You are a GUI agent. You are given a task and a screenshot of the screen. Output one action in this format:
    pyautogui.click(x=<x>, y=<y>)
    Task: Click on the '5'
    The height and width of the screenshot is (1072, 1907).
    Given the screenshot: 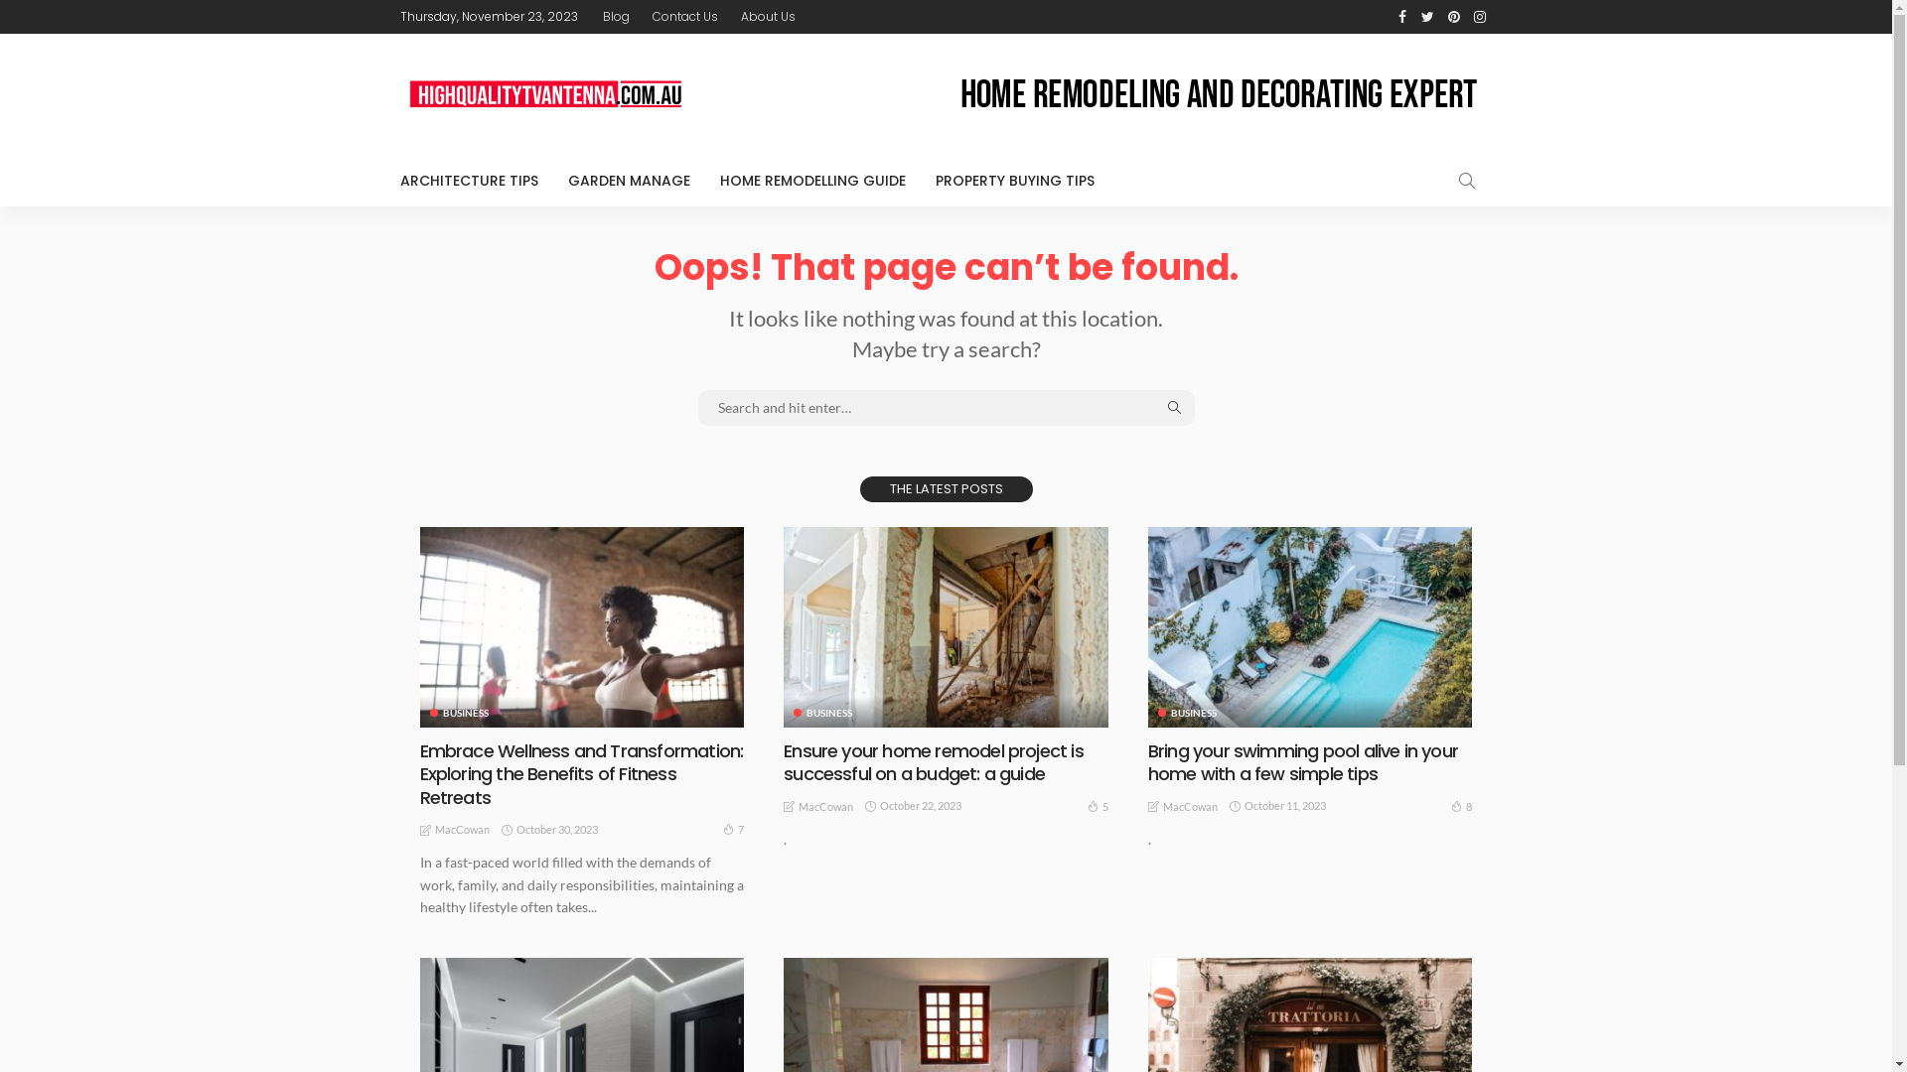 What is the action you would take?
    pyautogui.click(x=1097, y=806)
    